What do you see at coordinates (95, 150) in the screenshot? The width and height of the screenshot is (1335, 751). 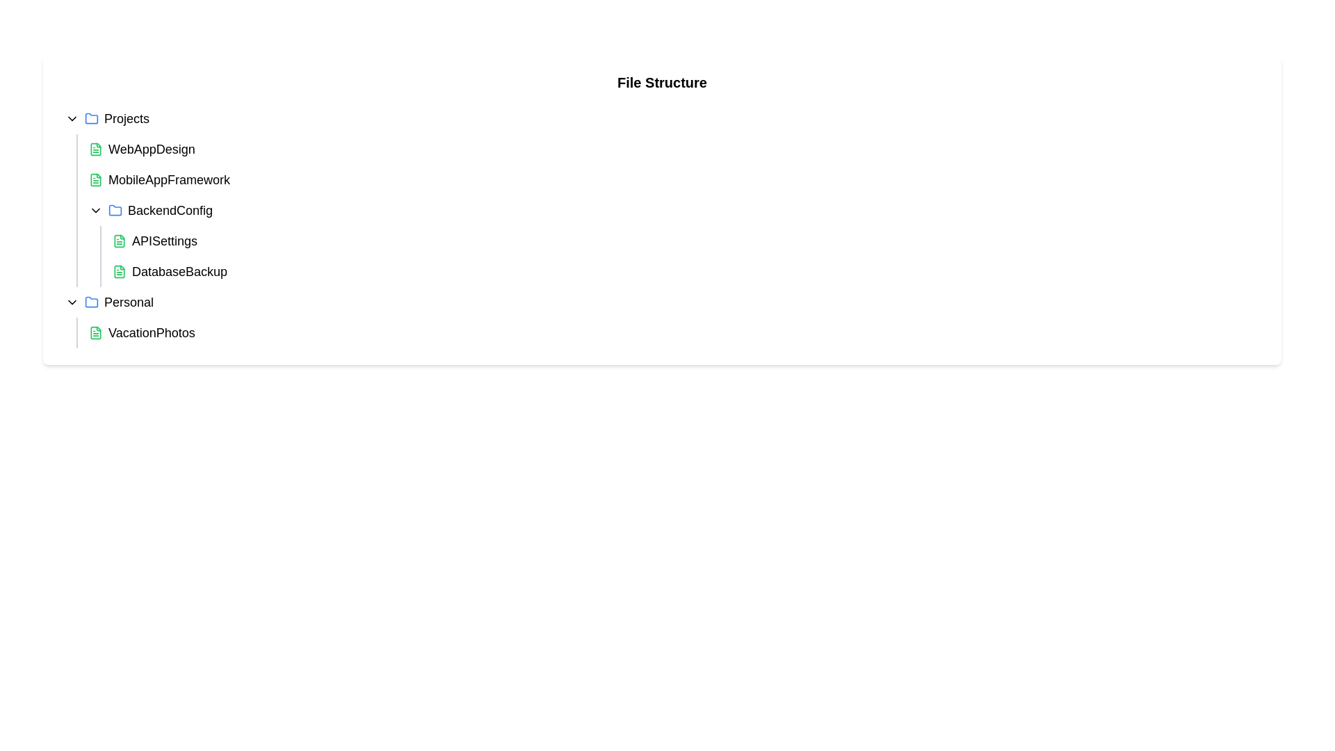 I see `the graphical icon representing a file, characterized by a sheet-like shape with a folded corner, outlined in green, located under the 'Projects' directory next to the label 'WebAppDesign'` at bounding box center [95, 150].